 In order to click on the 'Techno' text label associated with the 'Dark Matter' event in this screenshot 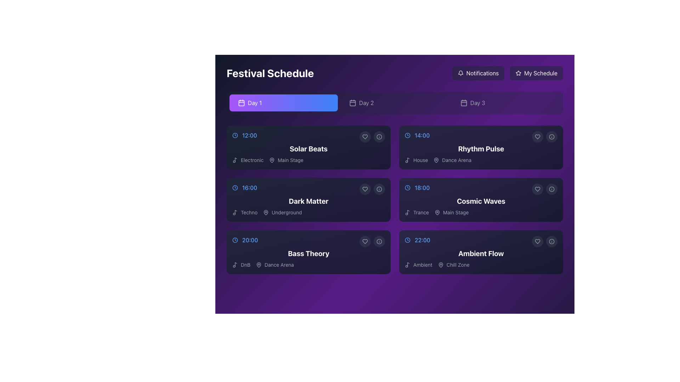, I will do `click(245, 212)`.